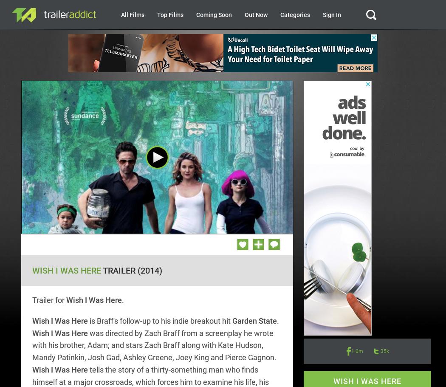  I want to click on '00:00', so click(103, 225).